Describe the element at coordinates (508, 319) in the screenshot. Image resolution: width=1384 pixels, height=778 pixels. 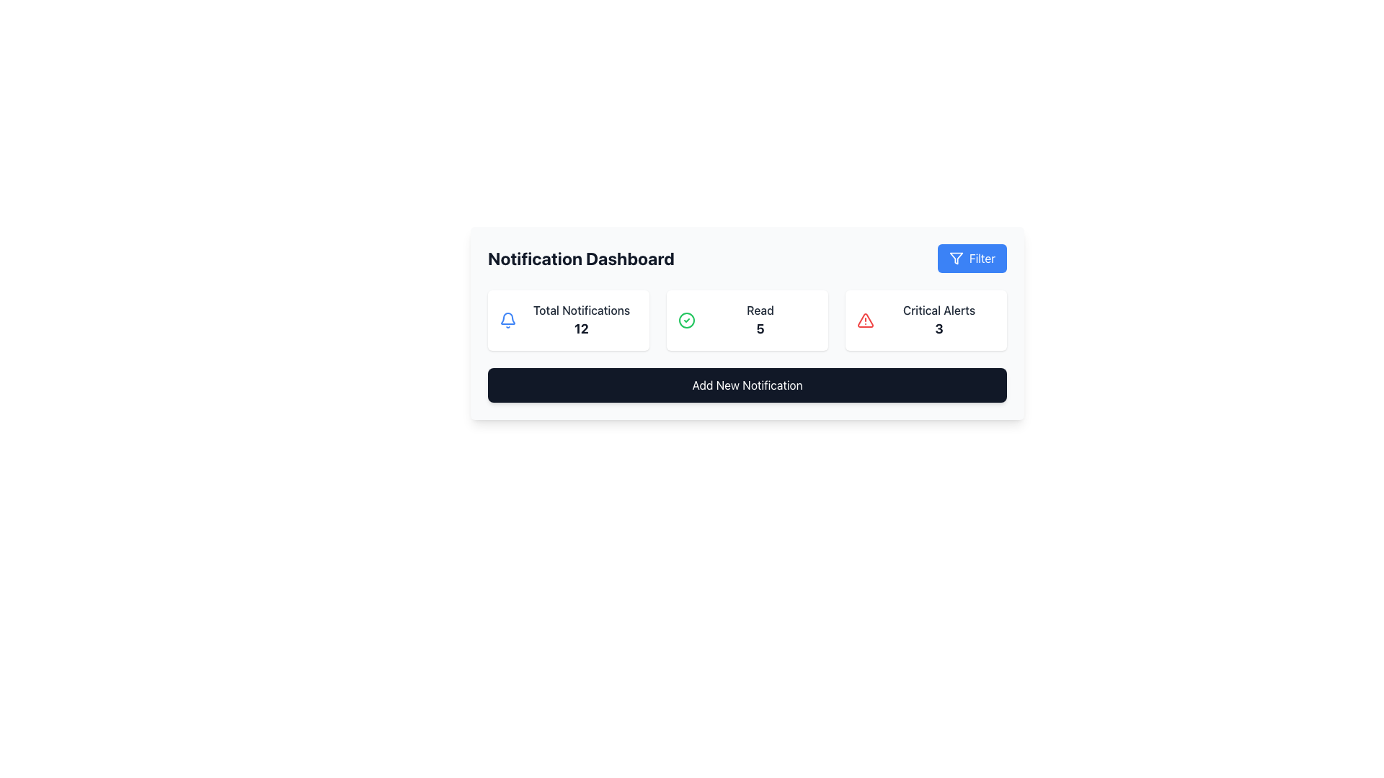
I see `the notification information associated with the blue bell icon representing notifications, located within the 'Total Notifications' card on the left side of the main notification panel` at that location.